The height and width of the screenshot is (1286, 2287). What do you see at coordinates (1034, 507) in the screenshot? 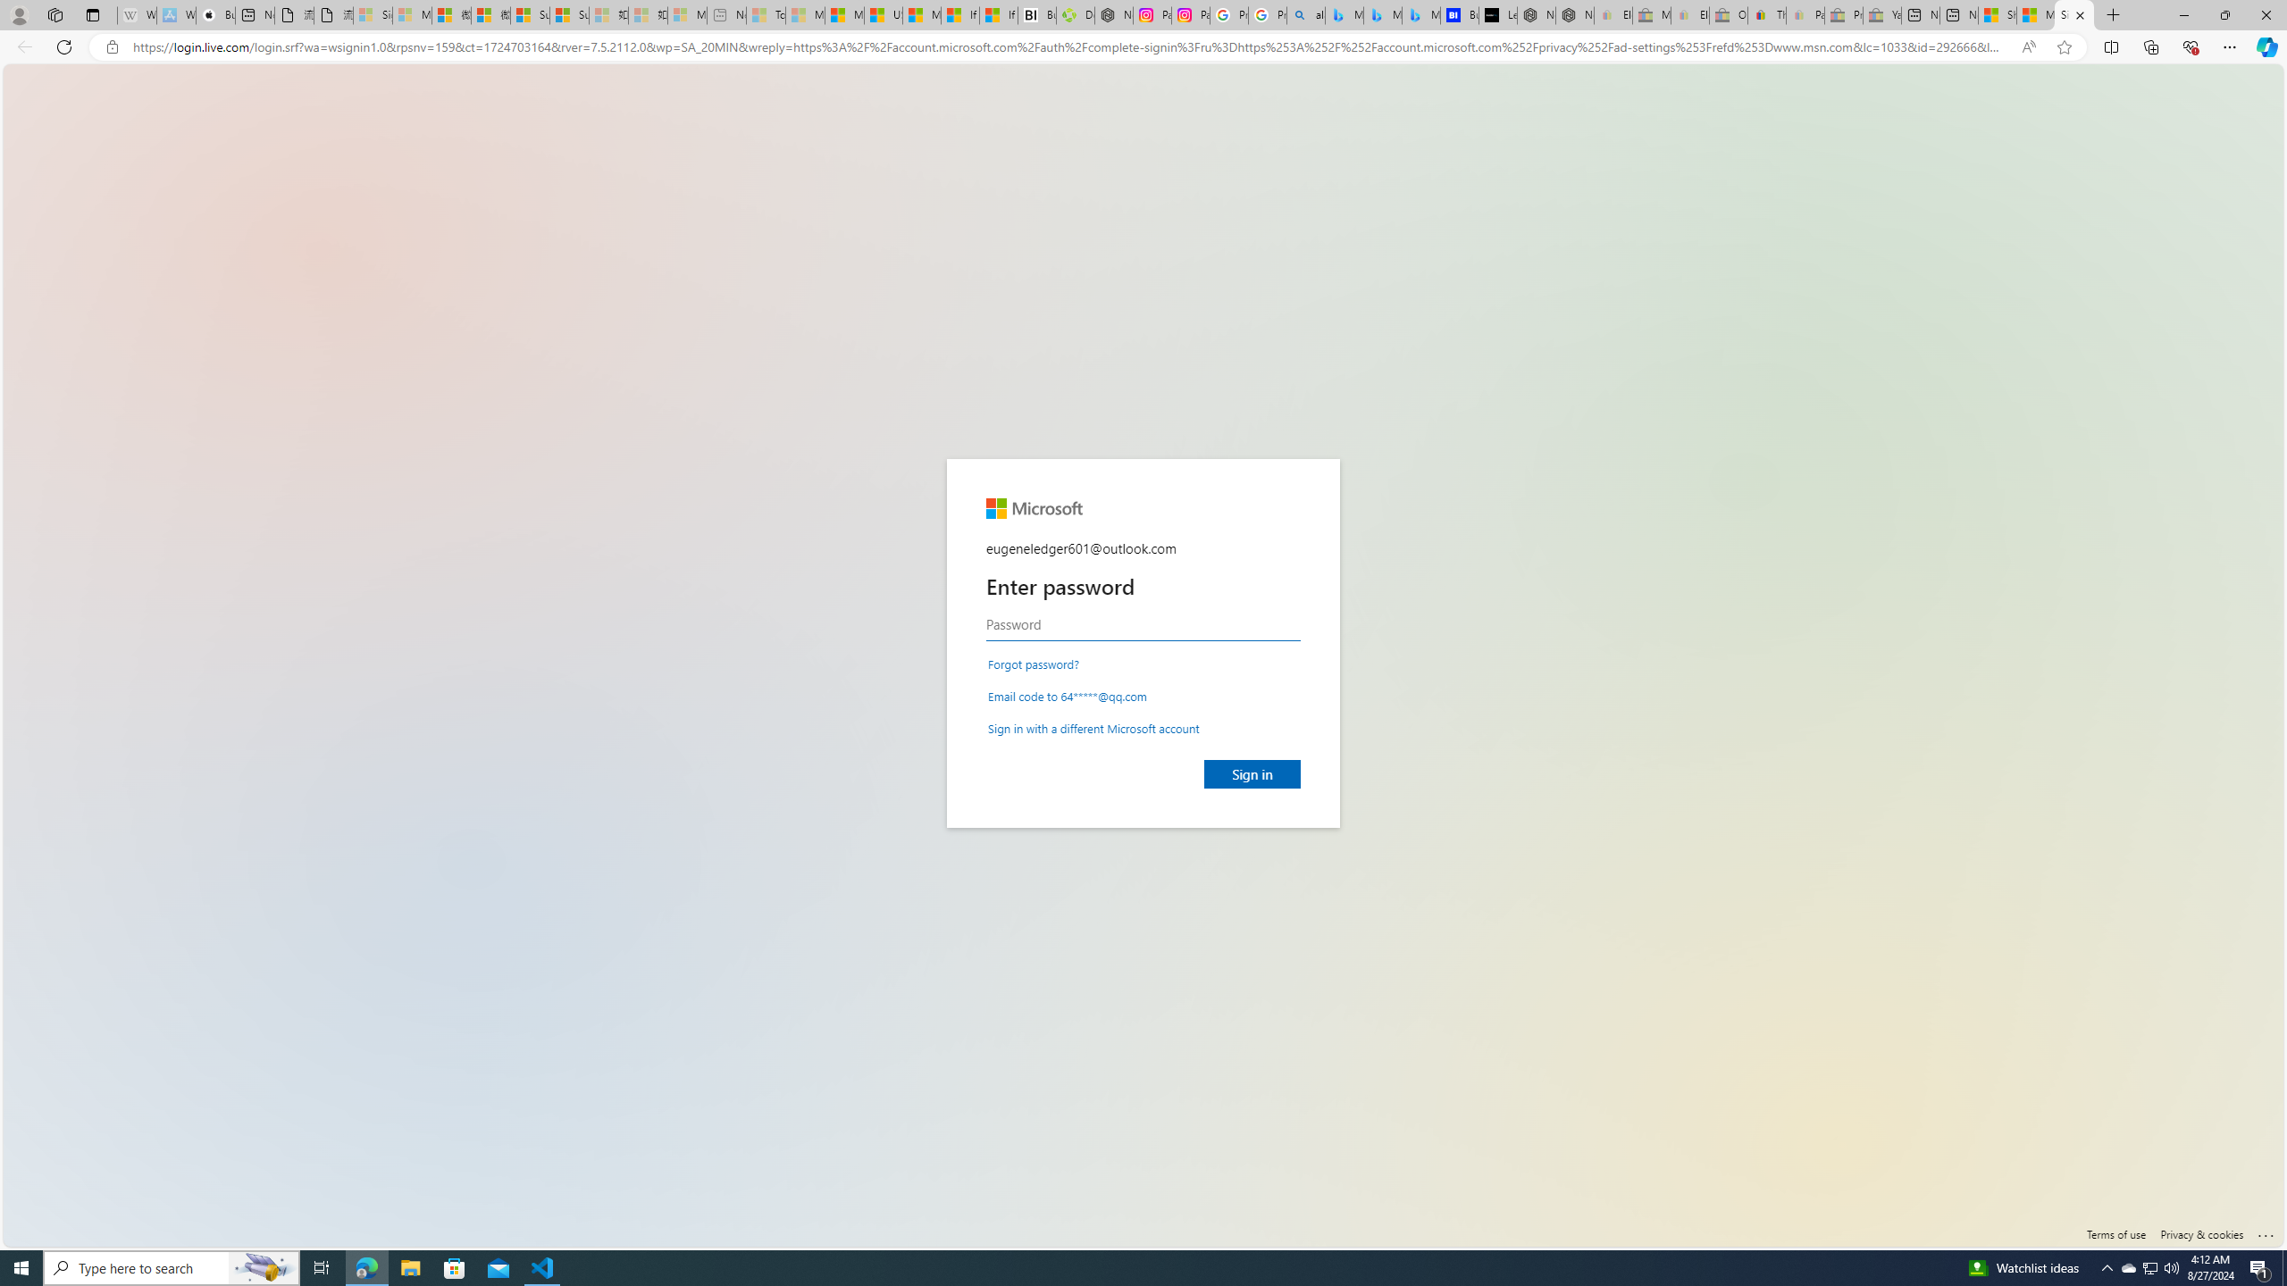
I see `'Microsoft'` at bounding box center [1034, 507].